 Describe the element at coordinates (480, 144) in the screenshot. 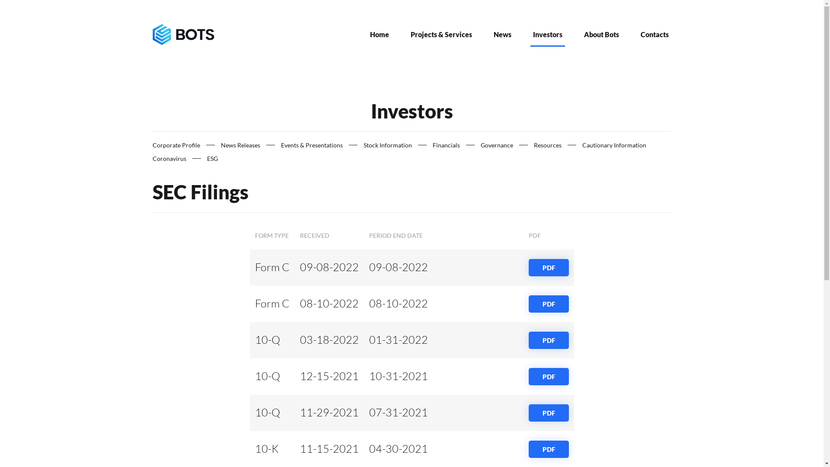

I see `'Governance'` at that location.